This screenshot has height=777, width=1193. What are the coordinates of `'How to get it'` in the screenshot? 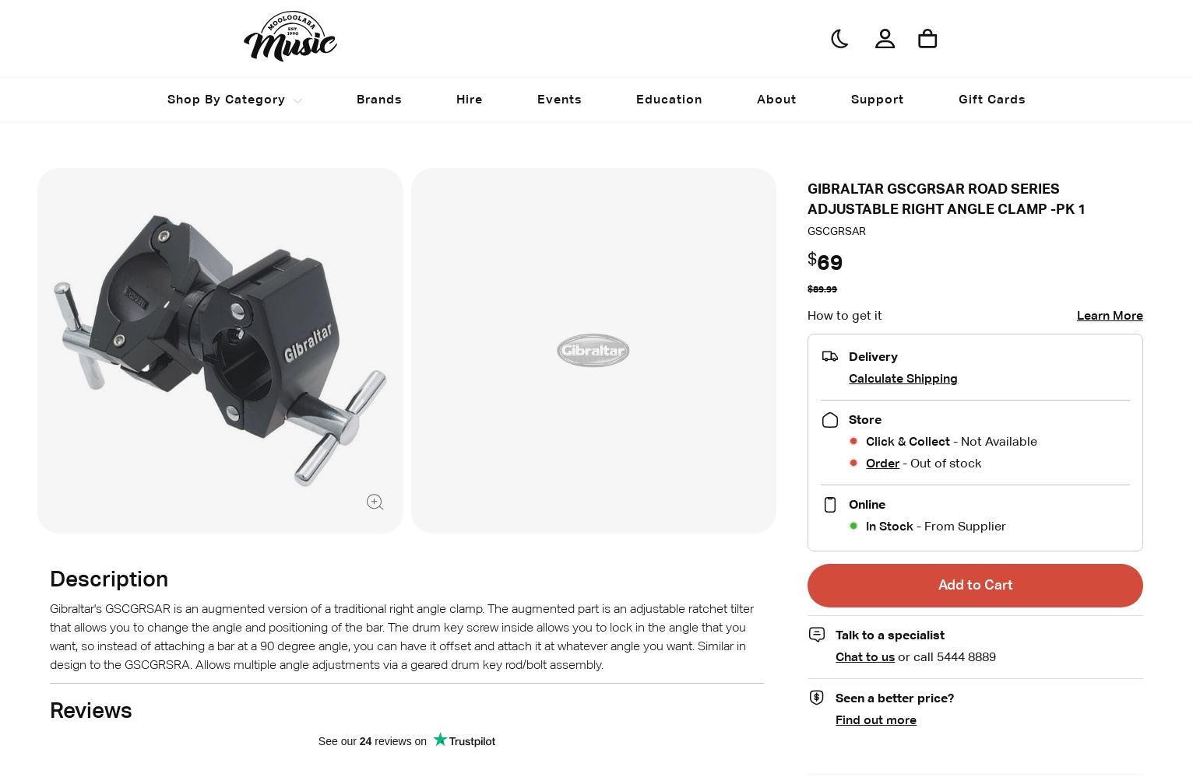 It's located at (843, 314).